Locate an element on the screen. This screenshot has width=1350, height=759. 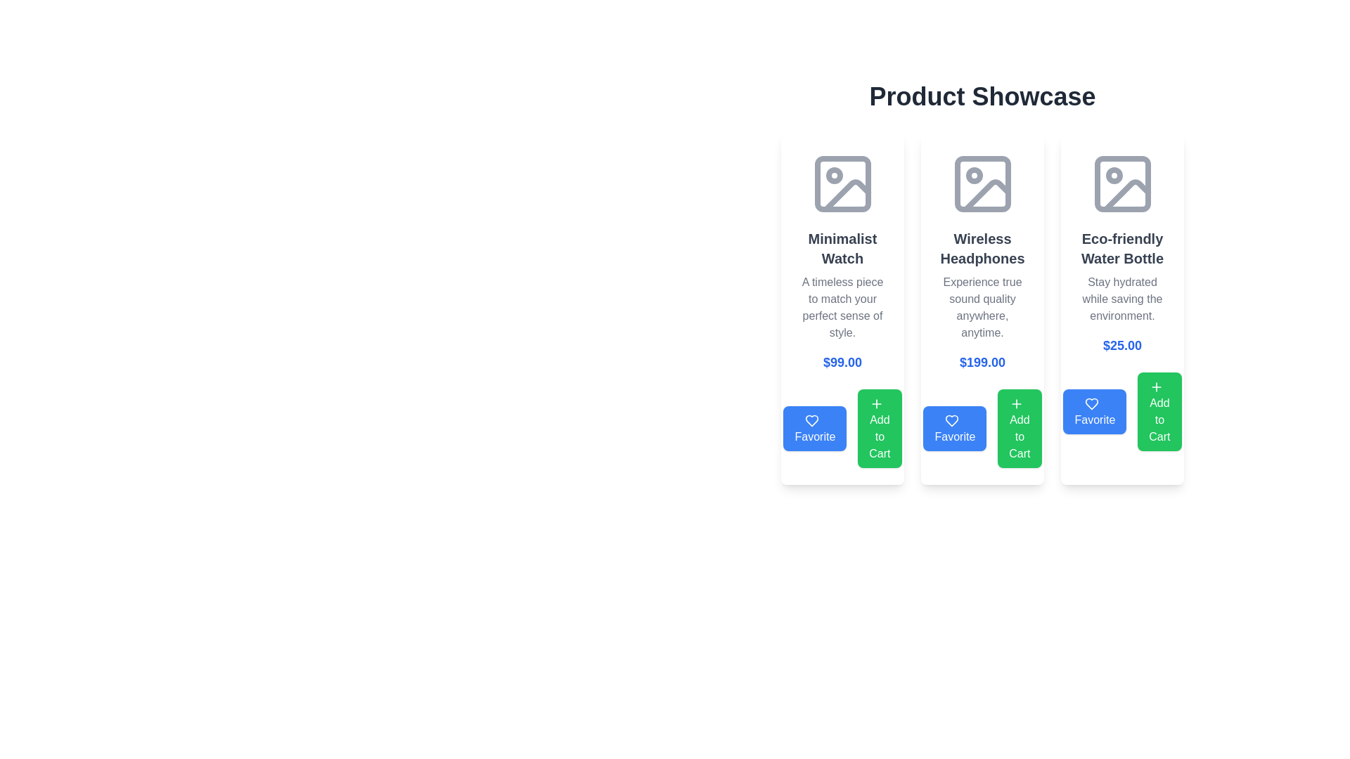
the button located to the right of the 'Favorite' button in the product row for 'Wireless Headphones' is located at coordinates (1020, 427).